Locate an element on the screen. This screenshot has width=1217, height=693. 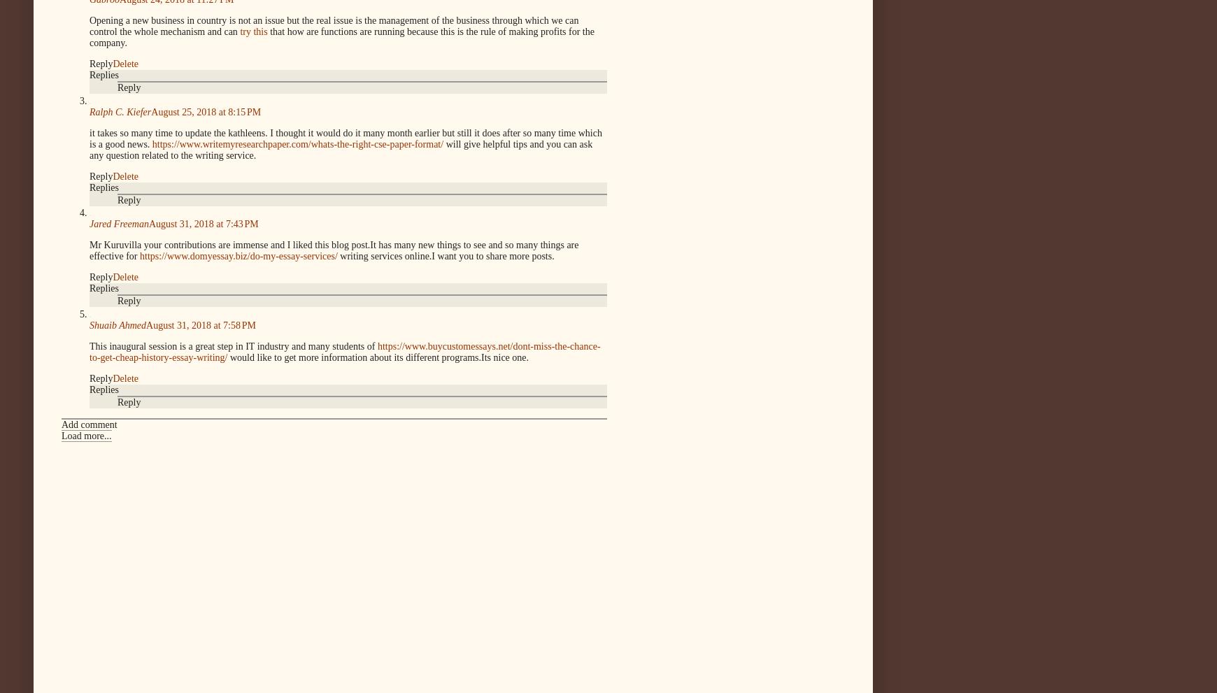
'https://www.domyessay.biz/do-my-essay-services/' is located at coordinates (138, 255).